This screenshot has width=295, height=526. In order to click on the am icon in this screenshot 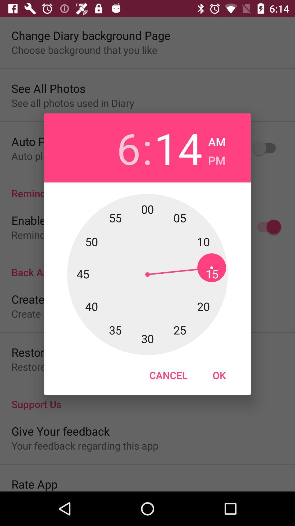, I will do `click(217, 140)`.